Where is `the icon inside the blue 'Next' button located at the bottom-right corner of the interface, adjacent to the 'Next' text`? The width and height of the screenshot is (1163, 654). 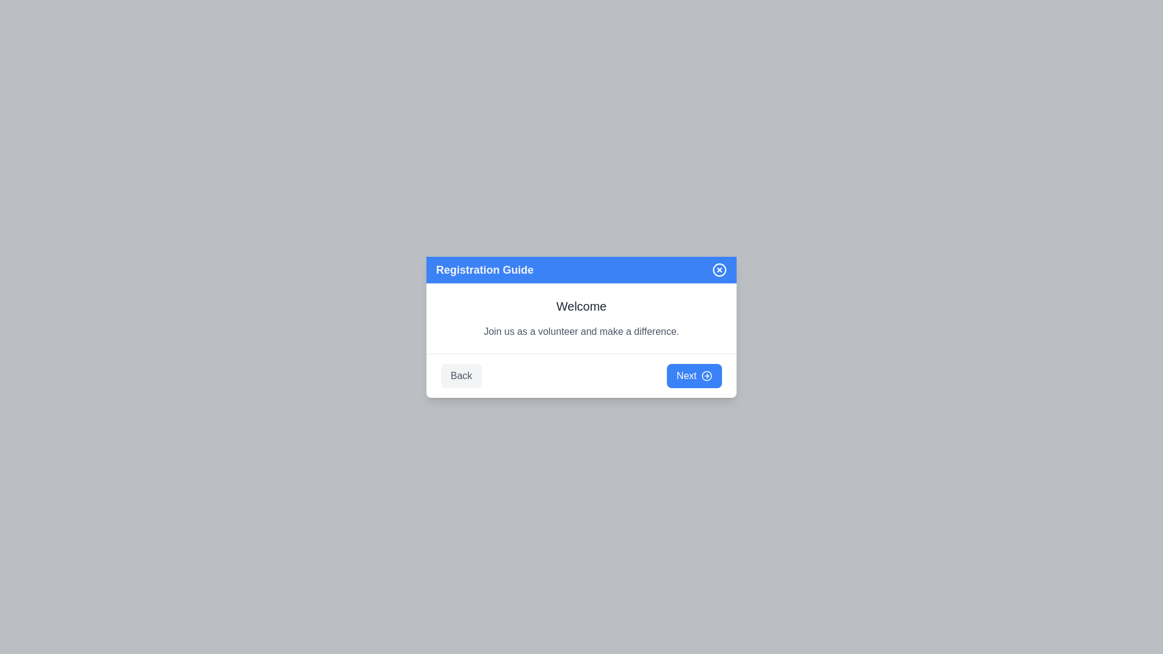
the icon inside the blue 'Next' button located at the bottom-right corner of the interface, adjacent to the 'Next' text is located at coordinates (706, 375).